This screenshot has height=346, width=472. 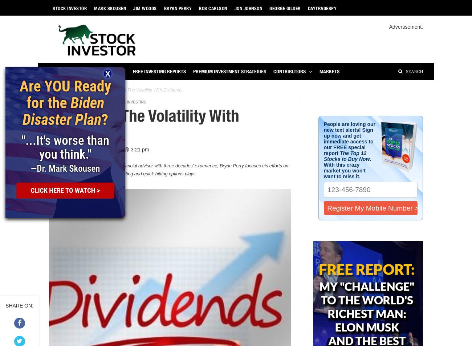 I want to click on 'A former Wall Street financial advisor with three decades' experience, Bryan Perry focuses his efforts on high-yield income investing and quick-hitting options plays.', so click(x=183, y=169).